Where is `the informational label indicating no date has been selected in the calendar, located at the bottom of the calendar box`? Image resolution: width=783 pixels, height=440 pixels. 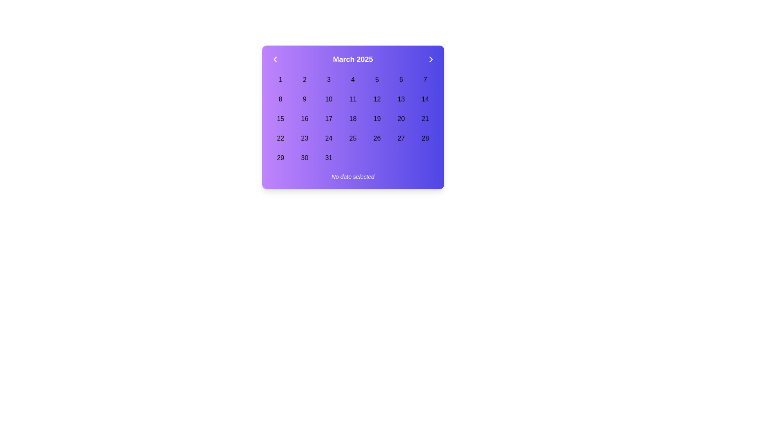
the informational label indicating no date has been selected in the calendar, located at the bottom of the calendar box is located at coordinates (353, 176).